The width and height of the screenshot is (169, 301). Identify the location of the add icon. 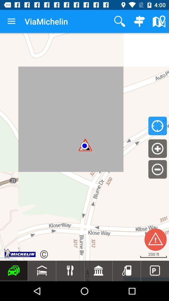
(157, 148).